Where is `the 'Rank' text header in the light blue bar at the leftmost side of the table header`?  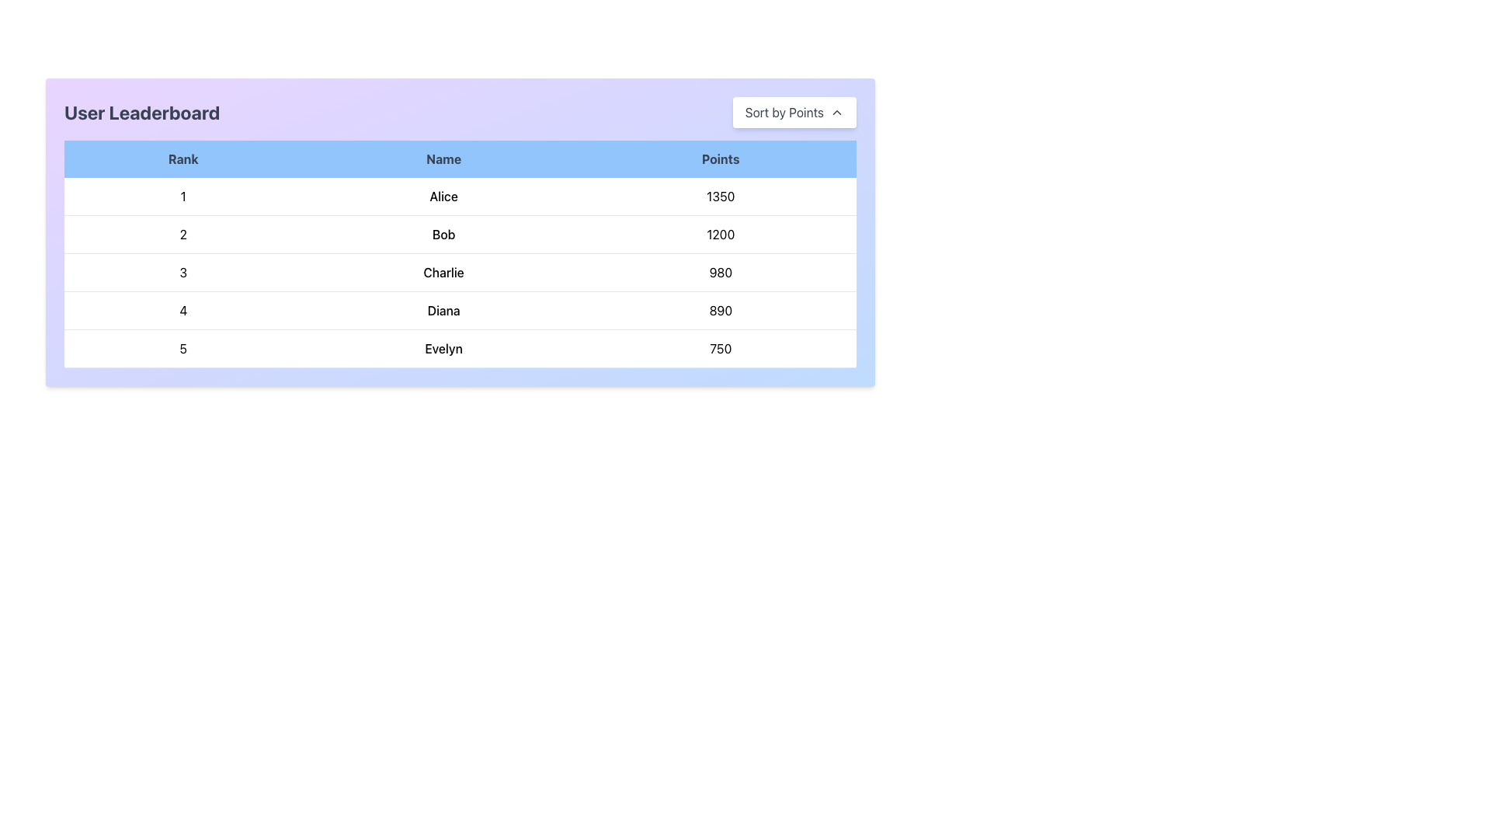
the 'Rank' text header in the light blue bar at the leftmost side of the table header is located at coordinates (183, 158).